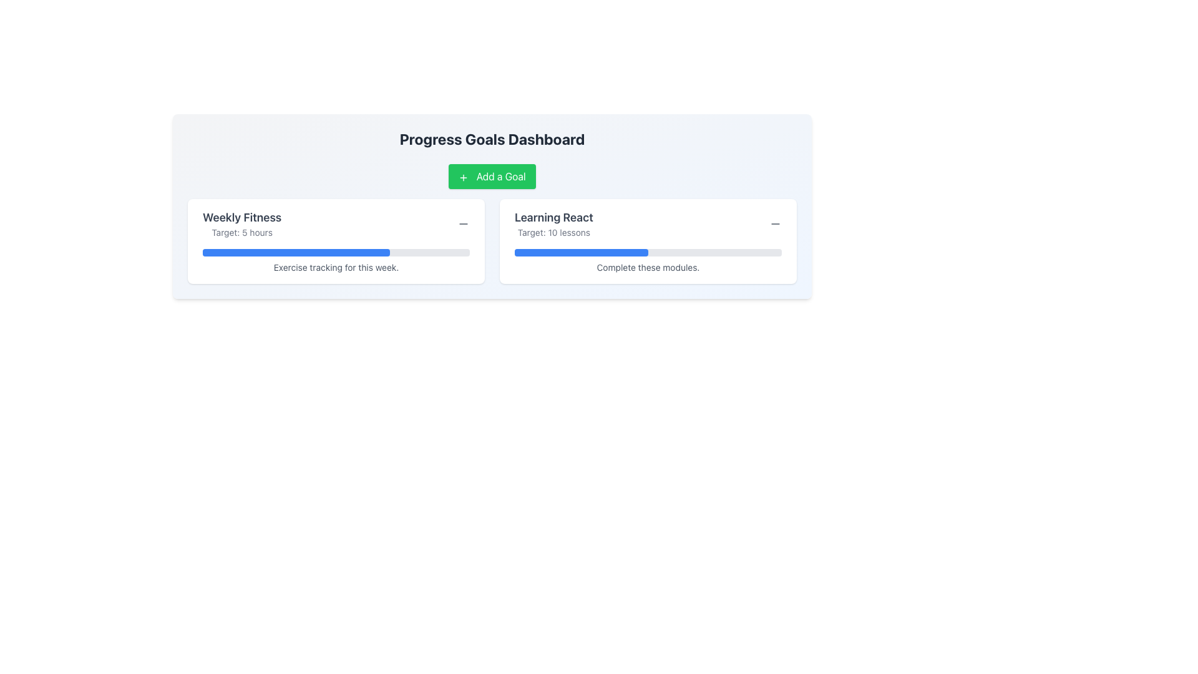 The image size is (1198, 674). Describe the element at coordinates (295, 253) in the screenshot. I see `the blue rectangular progress bar with rounded edges located in the 'Progress Goals Dashboard' interface, situated below the 'Weekly Fitness' section` at that location.